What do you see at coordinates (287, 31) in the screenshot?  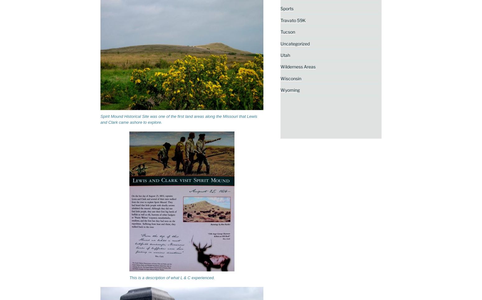 I see `'Tucson'` at bounding box center [287, 31].